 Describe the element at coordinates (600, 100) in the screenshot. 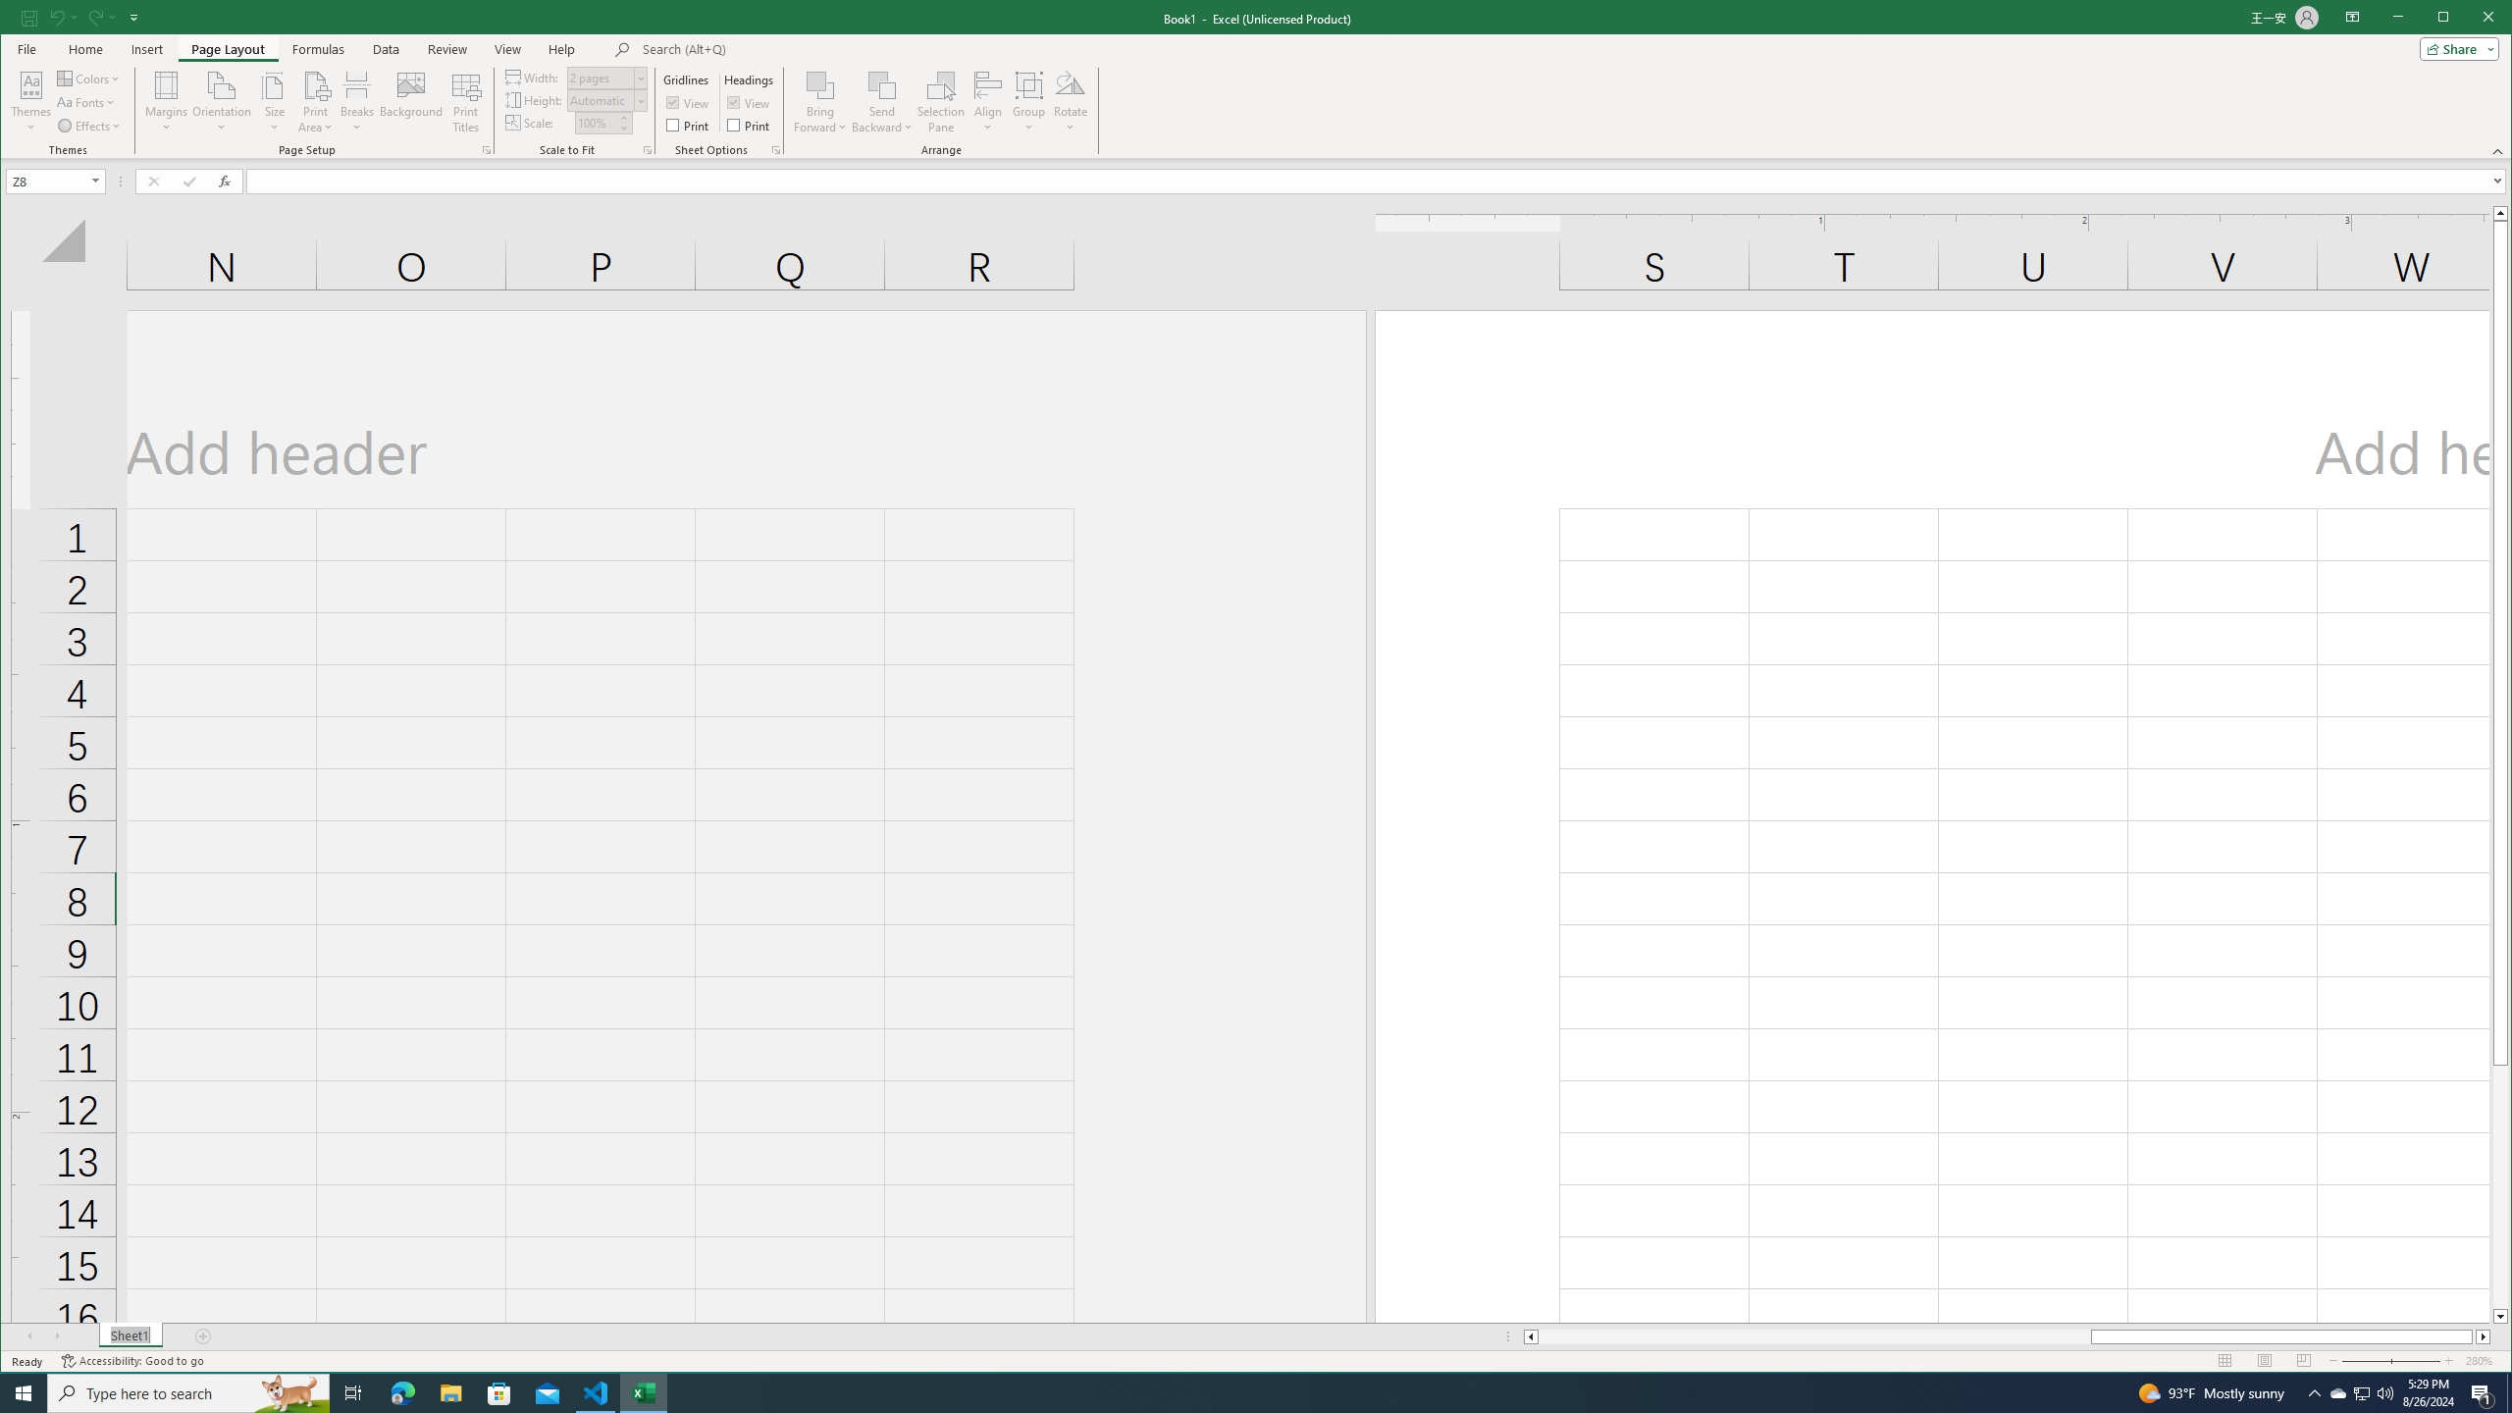

I see `'Height'` at that location.